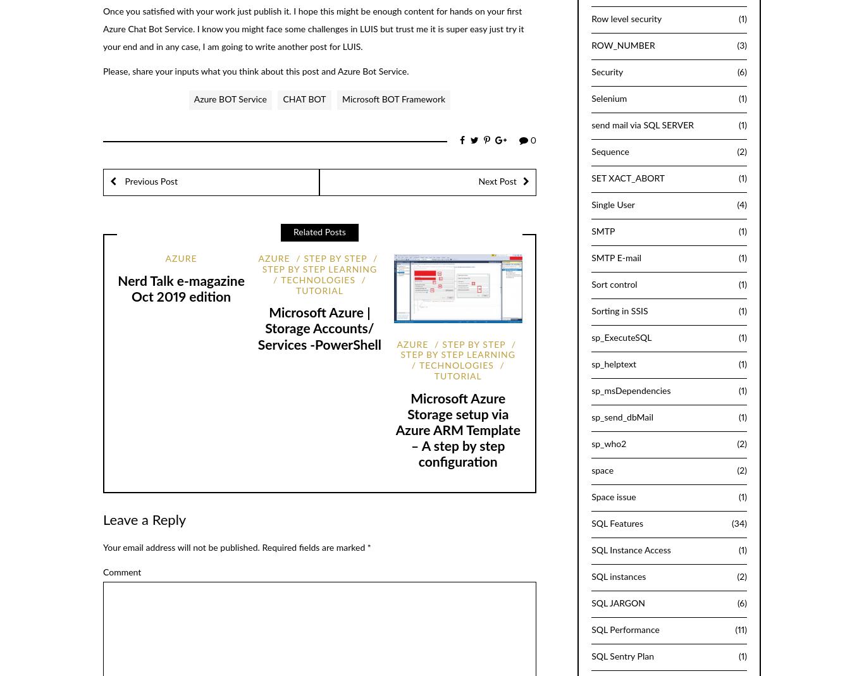  I want to click on 'Your email address will not be published.', so click(102, 547).